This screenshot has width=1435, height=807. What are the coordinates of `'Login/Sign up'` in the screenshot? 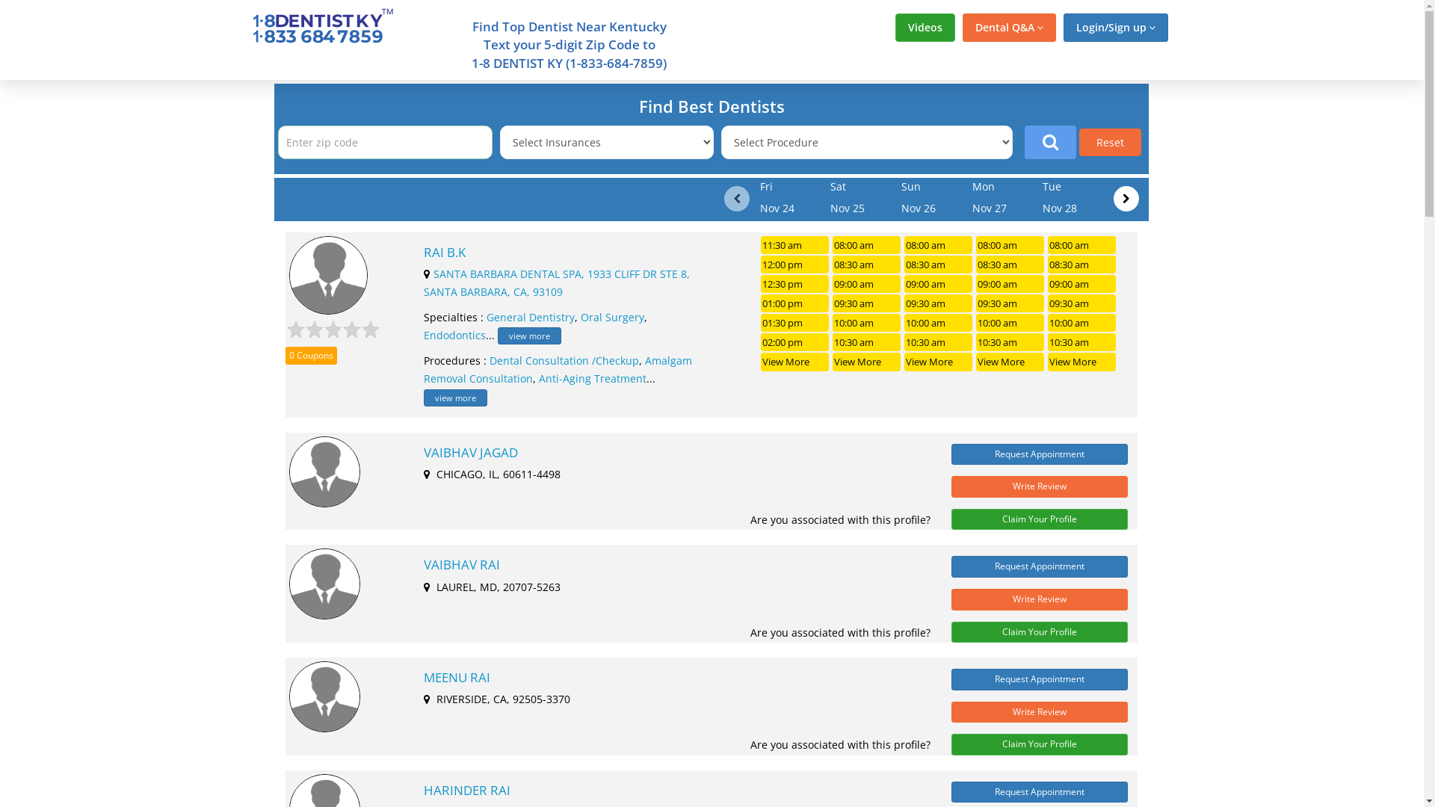 It's located at (1115, 28).